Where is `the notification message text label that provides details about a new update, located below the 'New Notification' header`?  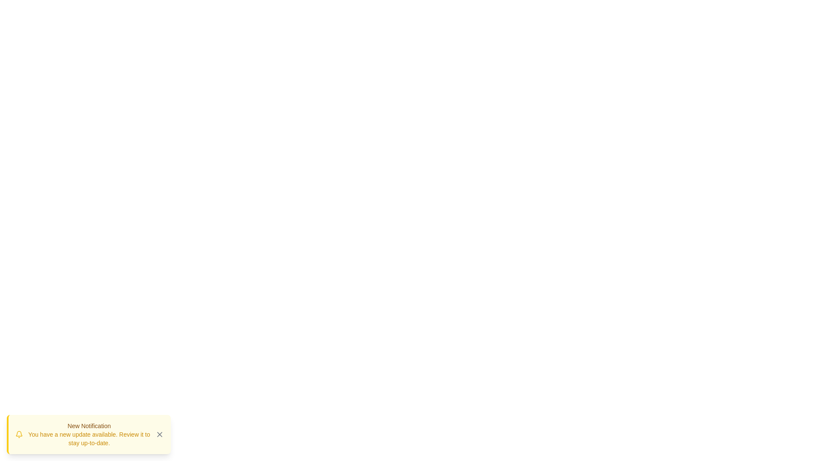
the notification message text label that provides details about a new update, located below the 'New Notification' header is located at coordinates (89, 439).